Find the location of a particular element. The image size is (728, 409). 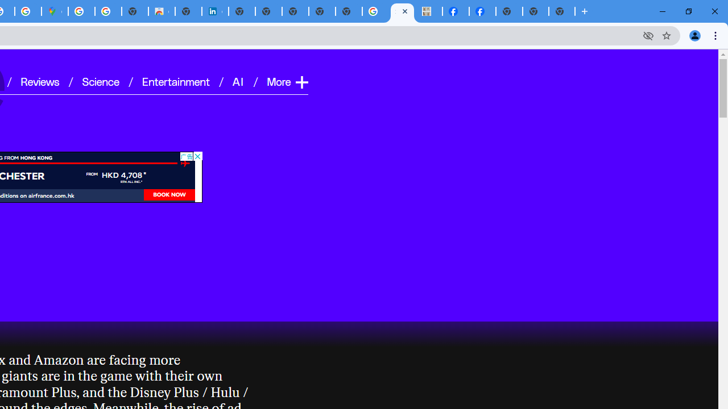

'AI' is located at coordinates (238, 80).